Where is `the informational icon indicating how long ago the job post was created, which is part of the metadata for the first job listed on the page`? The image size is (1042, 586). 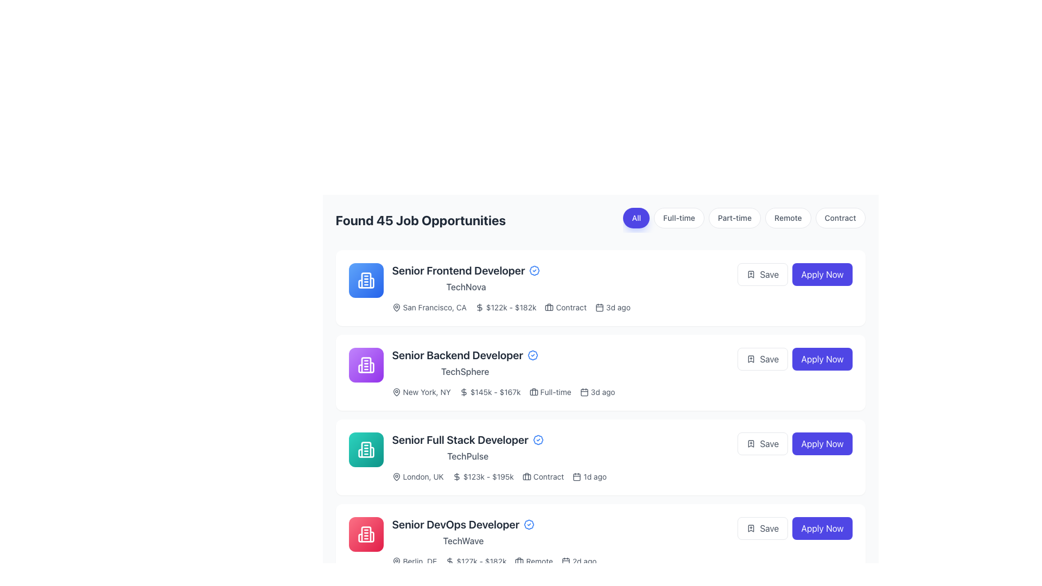 the informational icon indicating how long ago the job post was created, which is part of the metadata for the first job listed on the page is located at coordinates (612, 308).